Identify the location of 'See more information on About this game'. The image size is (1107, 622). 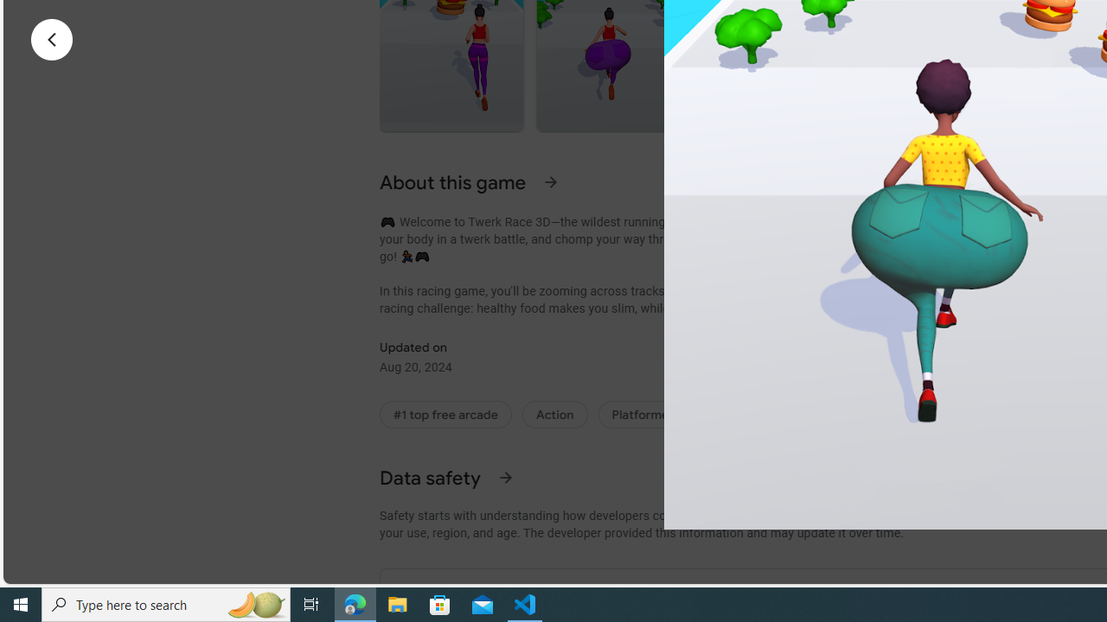
(550, 181).